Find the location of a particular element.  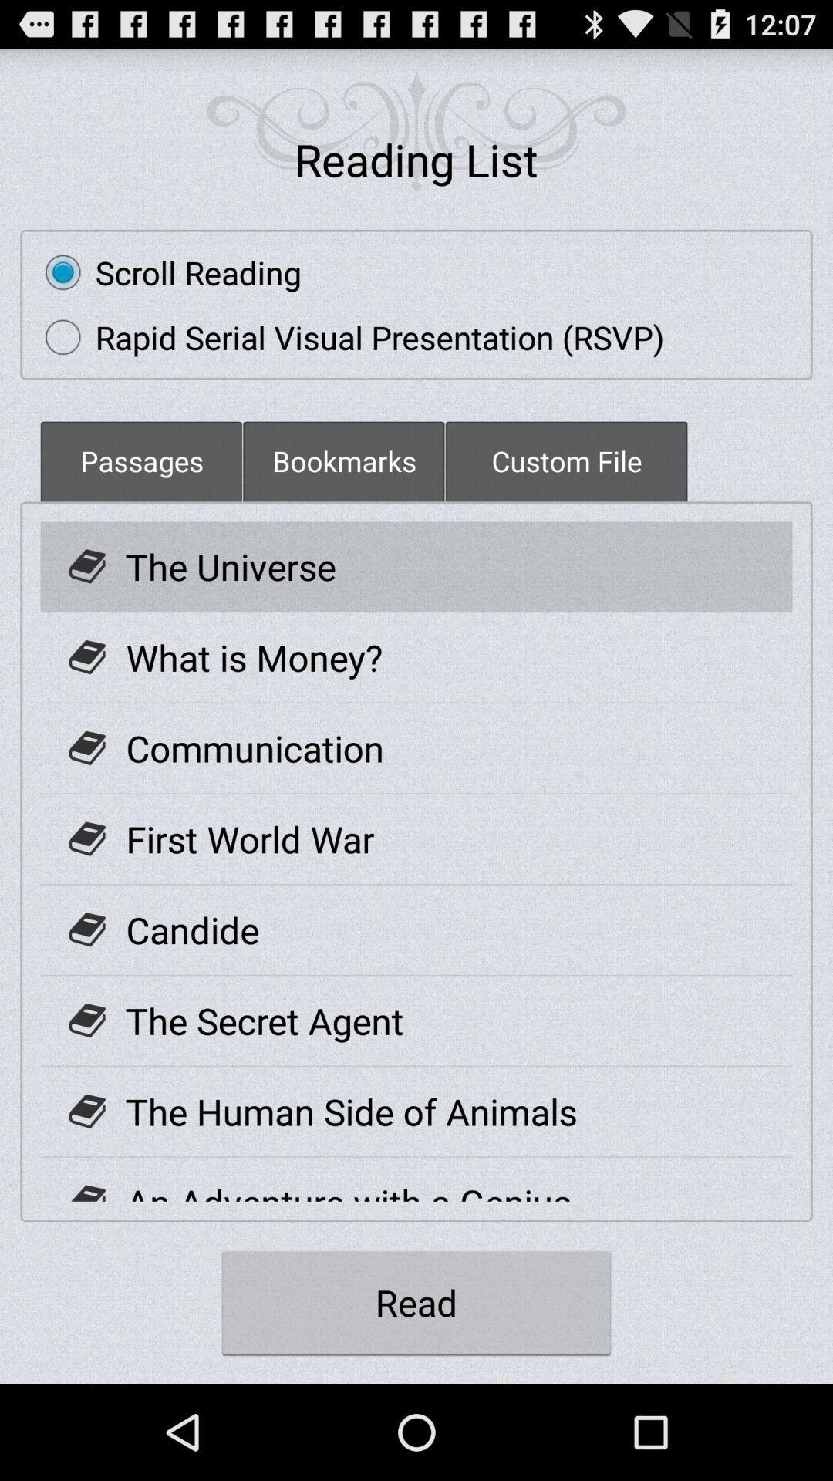

what is money? app is located at coordinates (254, 657).